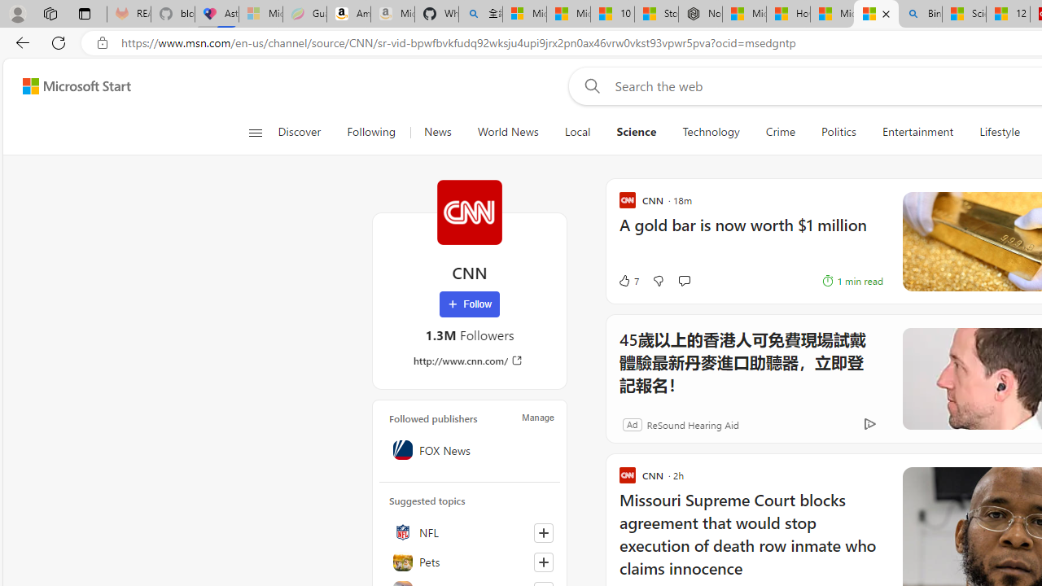 This screenshot has width=1042, height=586. Describe the element at coordinates (469, 304) in the screenshot. I see `'Follow'` at that location.